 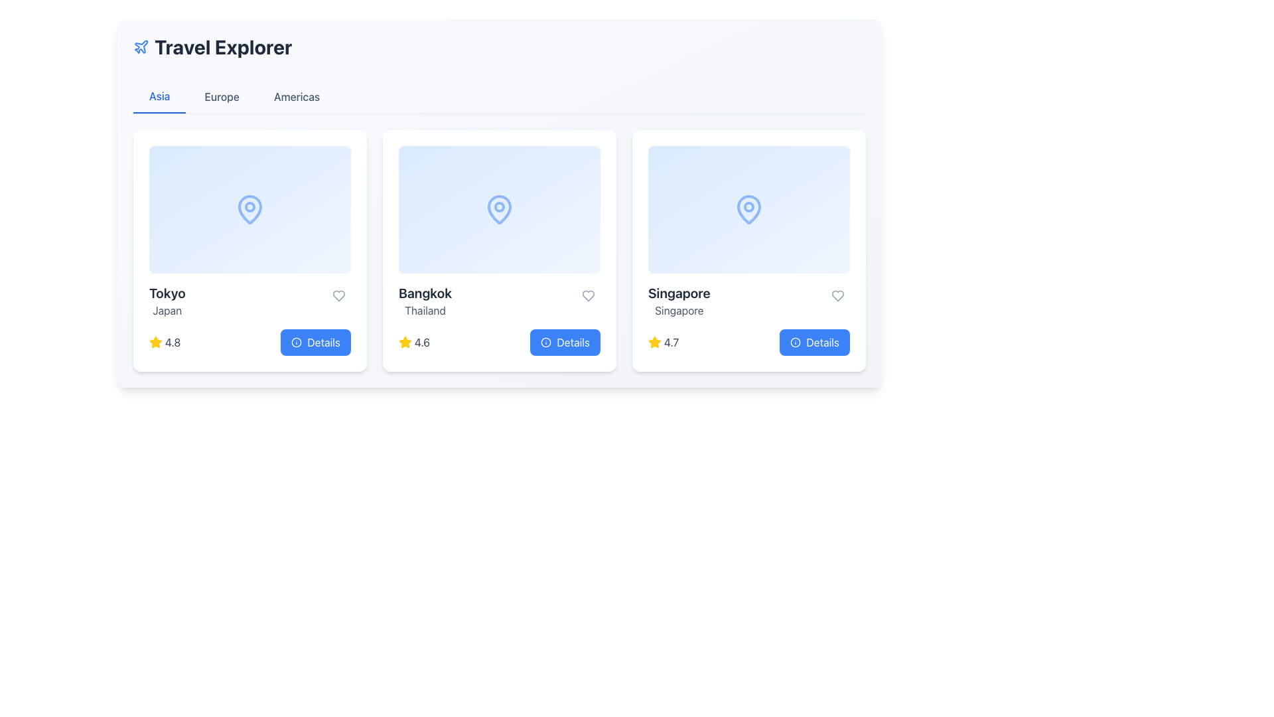 I want to click on the icon that visually indicates a location on the map within the Singapore card, which is the third card in the horizontal list layout, so click(x=748, y=209).